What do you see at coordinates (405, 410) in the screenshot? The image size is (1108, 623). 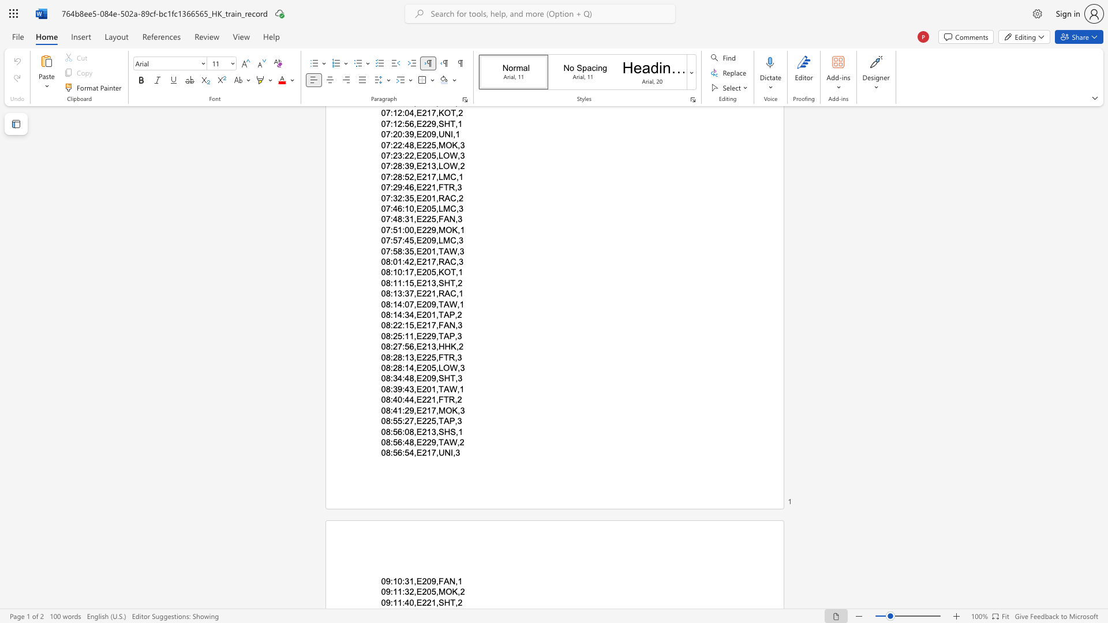 I see `the subset text "29,E2" within the text "08:41:29,E217,MOK,3"` at bounding box center [405, 410].